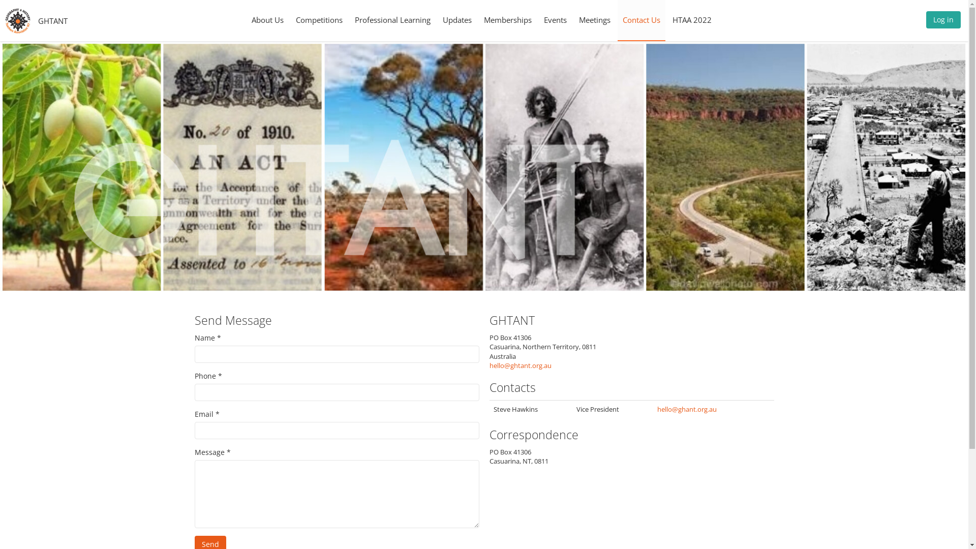 The height and width of the screenshot is (549, 976). What do you see at coordinates (595, 20) in the screenshot?
I see `'Meetings'` at bounding box center [595, 20].